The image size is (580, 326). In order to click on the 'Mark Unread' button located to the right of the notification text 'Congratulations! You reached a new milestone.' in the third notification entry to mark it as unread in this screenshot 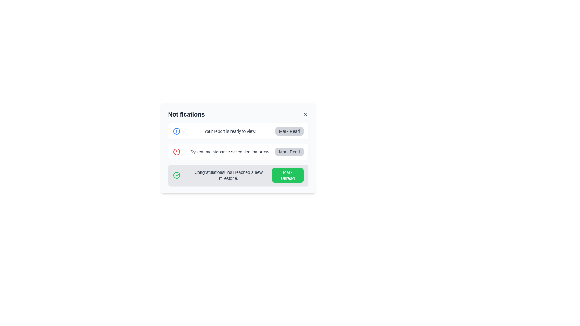, I will do `click(287, 175)`.